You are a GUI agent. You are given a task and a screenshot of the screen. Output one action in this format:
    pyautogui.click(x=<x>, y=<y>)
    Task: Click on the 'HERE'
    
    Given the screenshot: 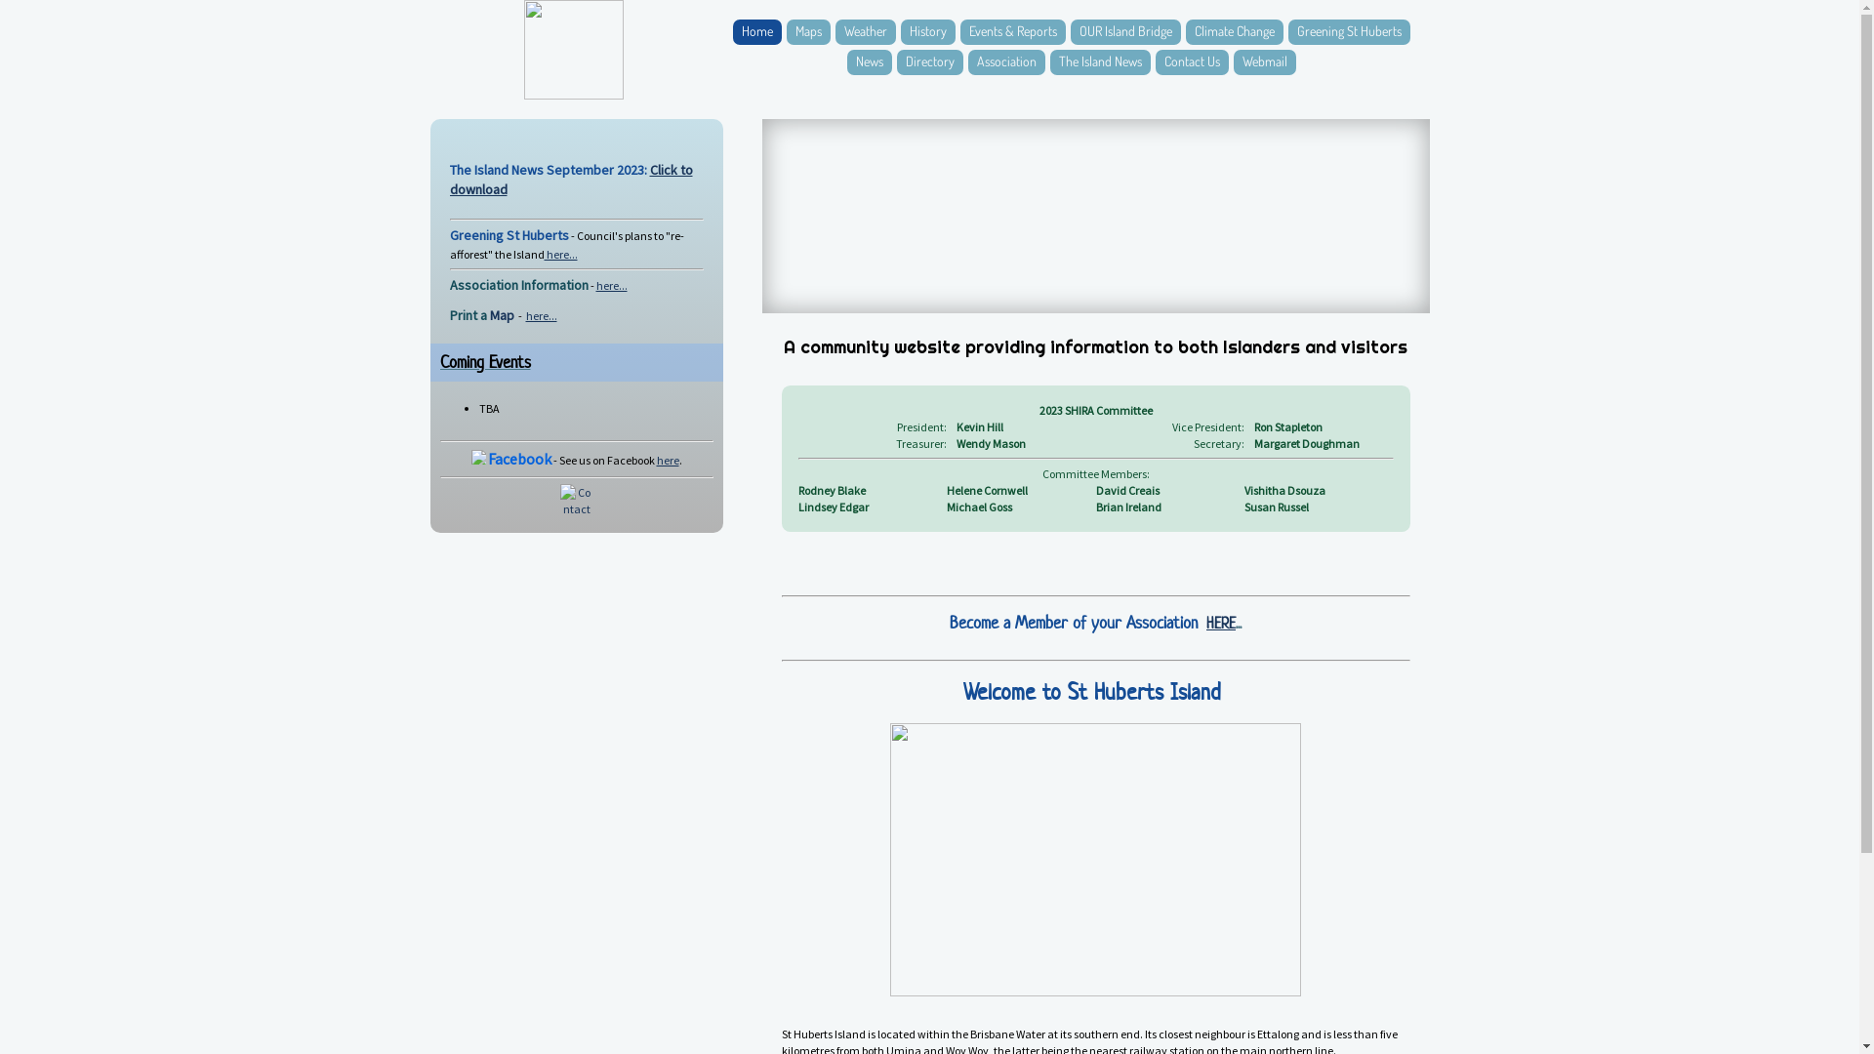 What is the action you would take?
    pyautogui.click(x=1220, y=623)
    